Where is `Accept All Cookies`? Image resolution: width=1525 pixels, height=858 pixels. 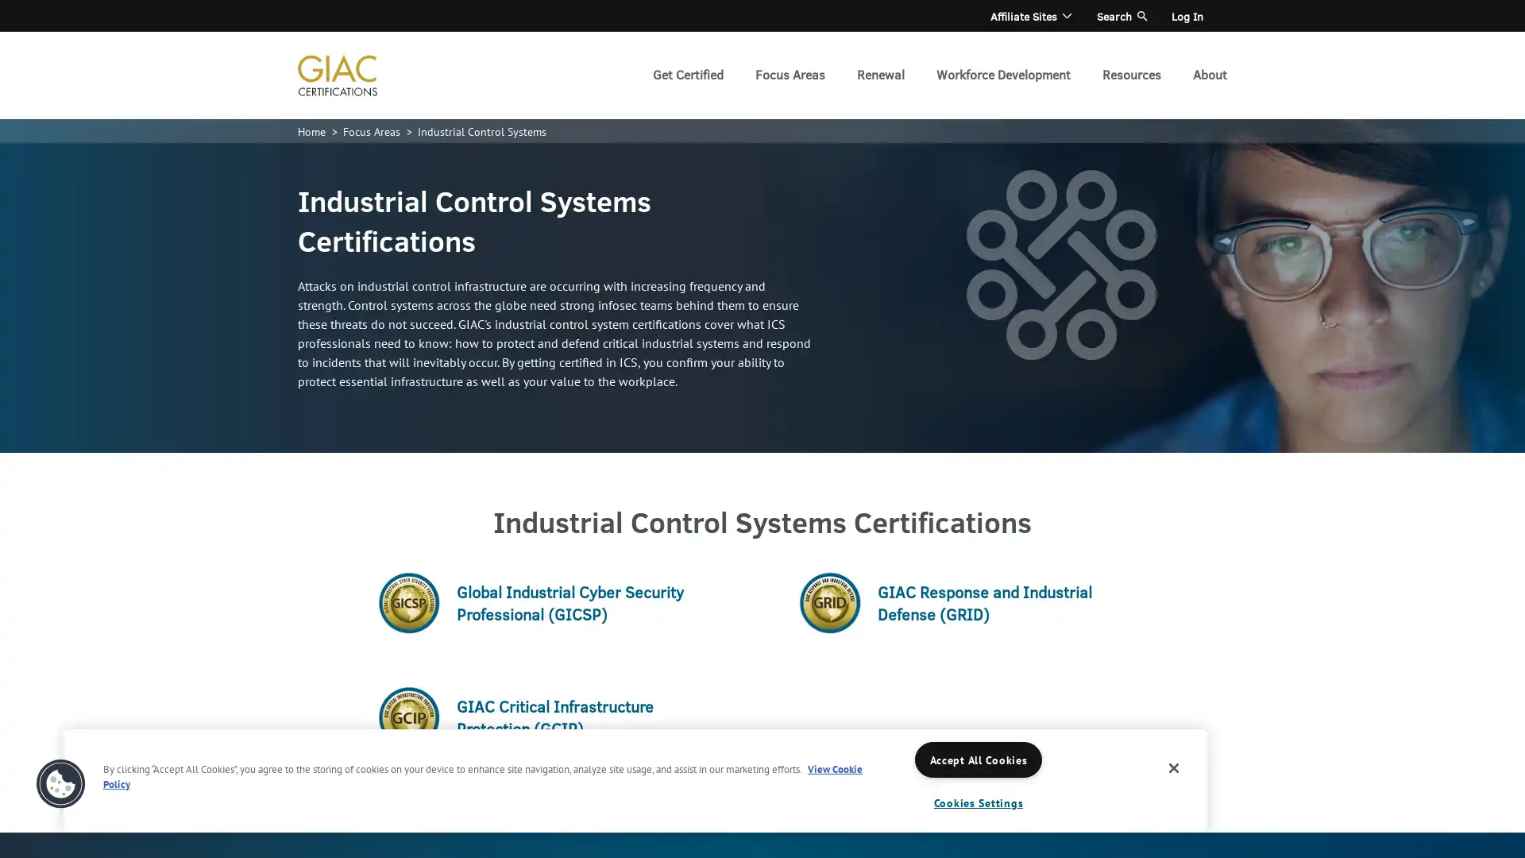
Accept All Cookies is located at coordinates (978, 759).